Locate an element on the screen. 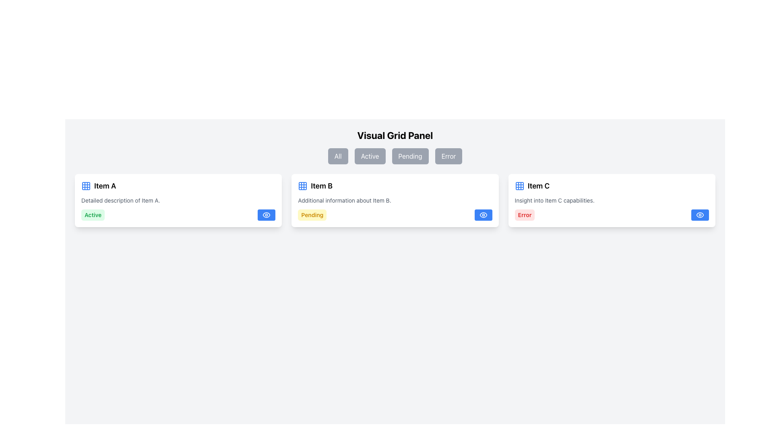 Image resolution: width=773 pixels, height=435 pixels. the text label reading 'Visual Grid Panel', which is styled in bold and large font, and centrally displayed at the top of the interface is located at coordinates (395, 135).